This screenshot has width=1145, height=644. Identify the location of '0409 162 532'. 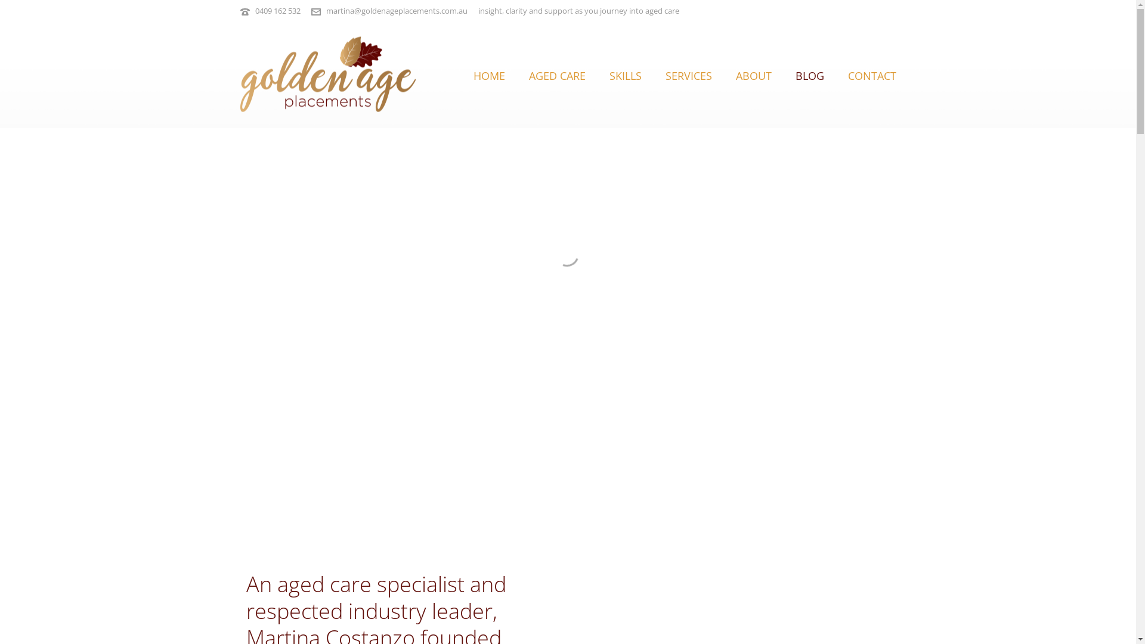
(277, 11).